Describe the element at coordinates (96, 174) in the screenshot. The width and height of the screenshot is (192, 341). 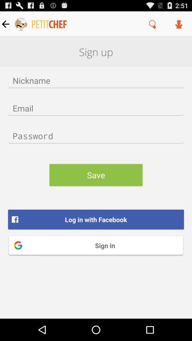
I see `the save item` at that location.